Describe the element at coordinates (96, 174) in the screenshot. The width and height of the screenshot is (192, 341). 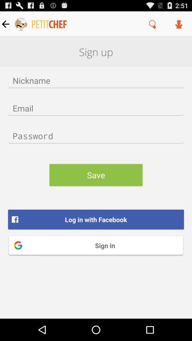
I see `the save item` at that location.